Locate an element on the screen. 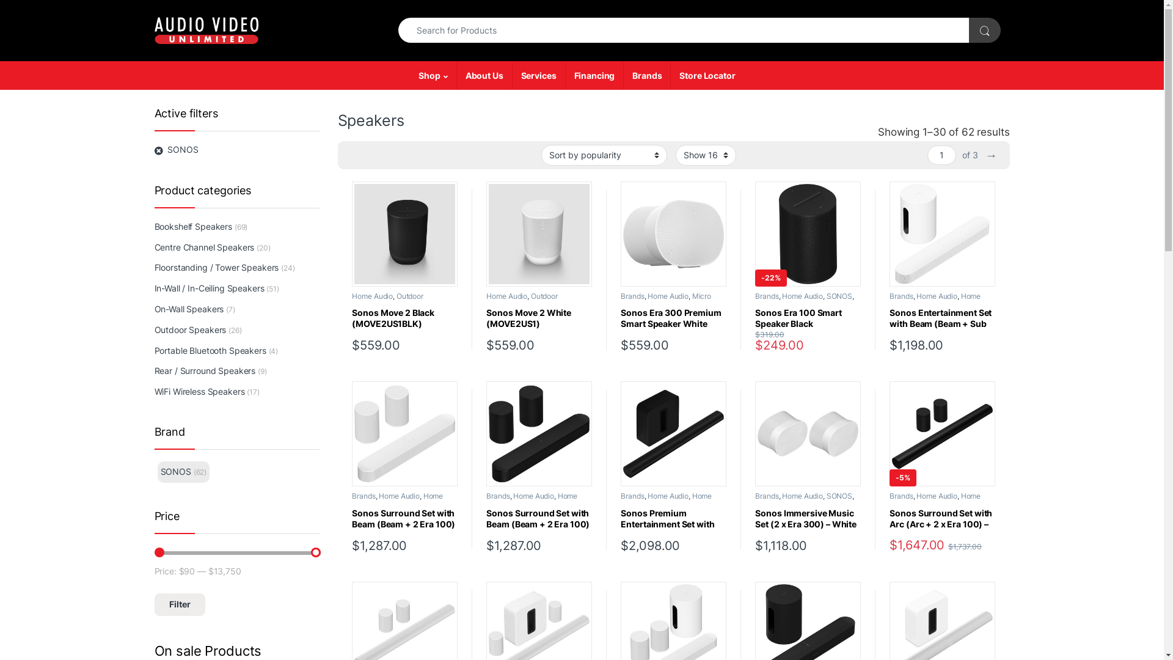 The width and height of the screenshot is (1173, 660). 'Outdoor Speakers' is located at coordinates (189, 330).